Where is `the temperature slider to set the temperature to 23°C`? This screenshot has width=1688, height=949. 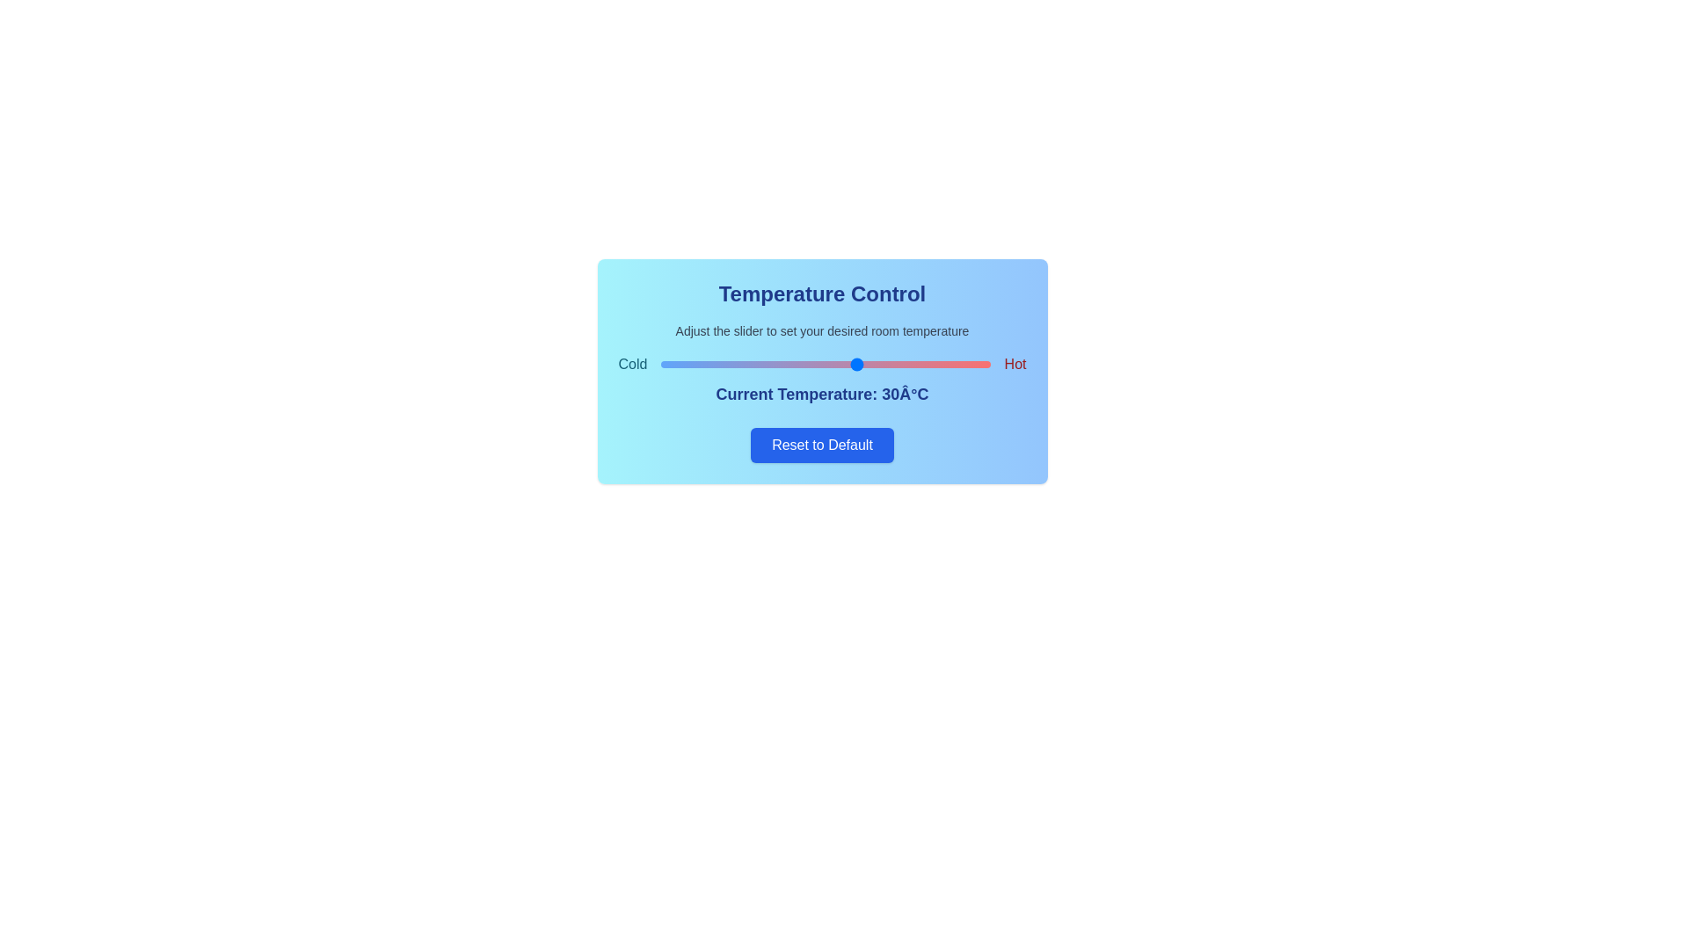 the temperature slider to set the temperature to 23°C is located at coordinates (811, 364).